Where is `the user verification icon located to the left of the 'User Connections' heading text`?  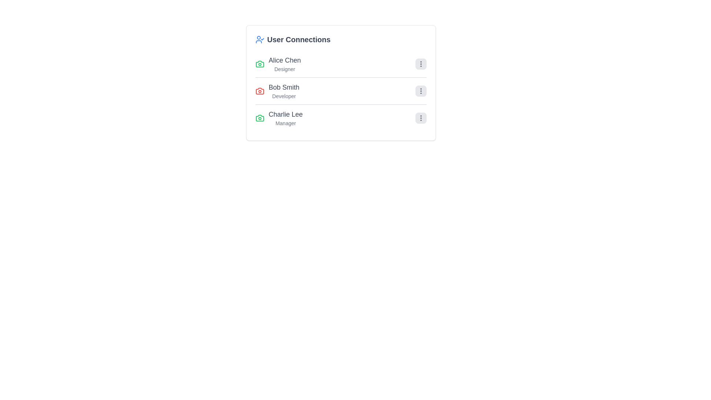 the user verification icon located to the left of the 'User Connections' heading text is located at coordinates (260, 40).